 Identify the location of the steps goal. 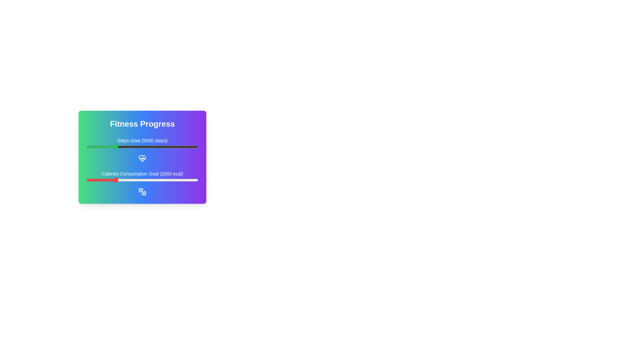
(173, 147).